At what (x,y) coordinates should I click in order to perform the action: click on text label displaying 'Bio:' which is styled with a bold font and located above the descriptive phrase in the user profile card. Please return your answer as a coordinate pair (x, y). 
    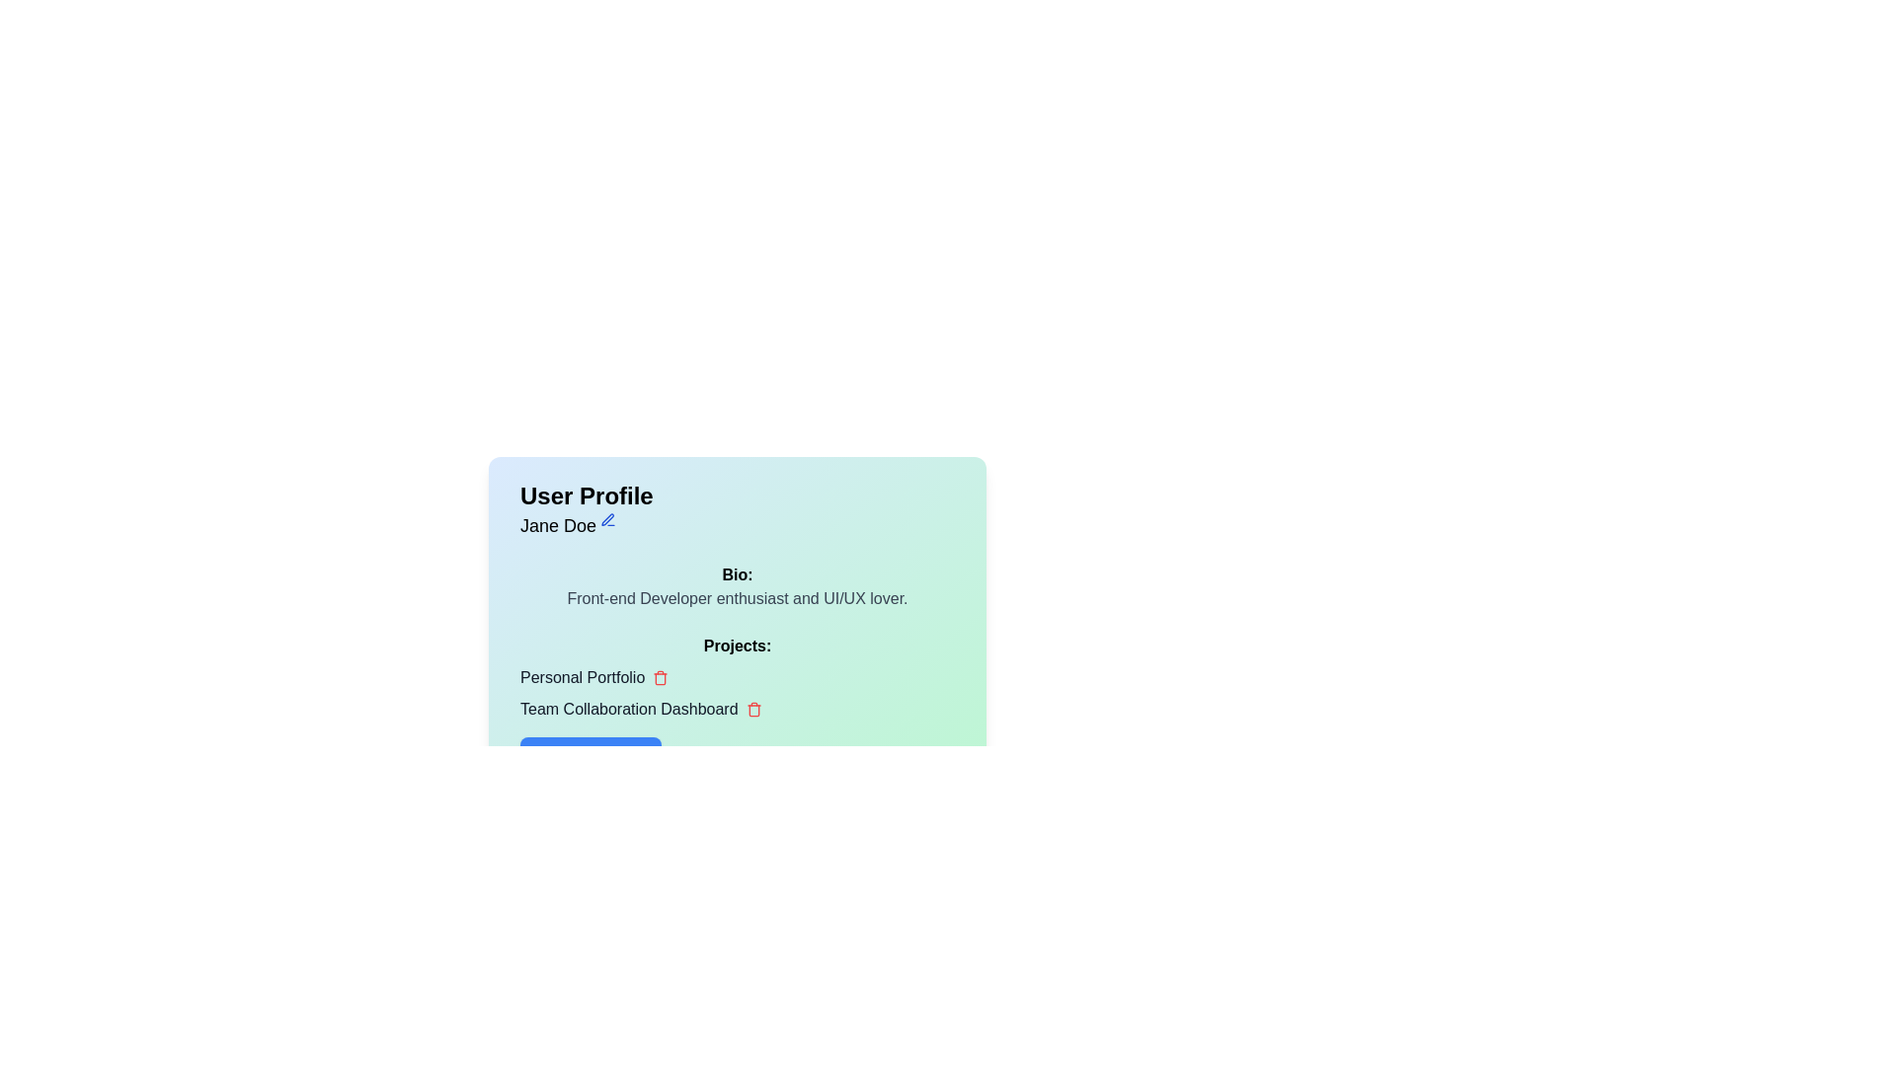
    Looking at the image, I should click on (737, 574).